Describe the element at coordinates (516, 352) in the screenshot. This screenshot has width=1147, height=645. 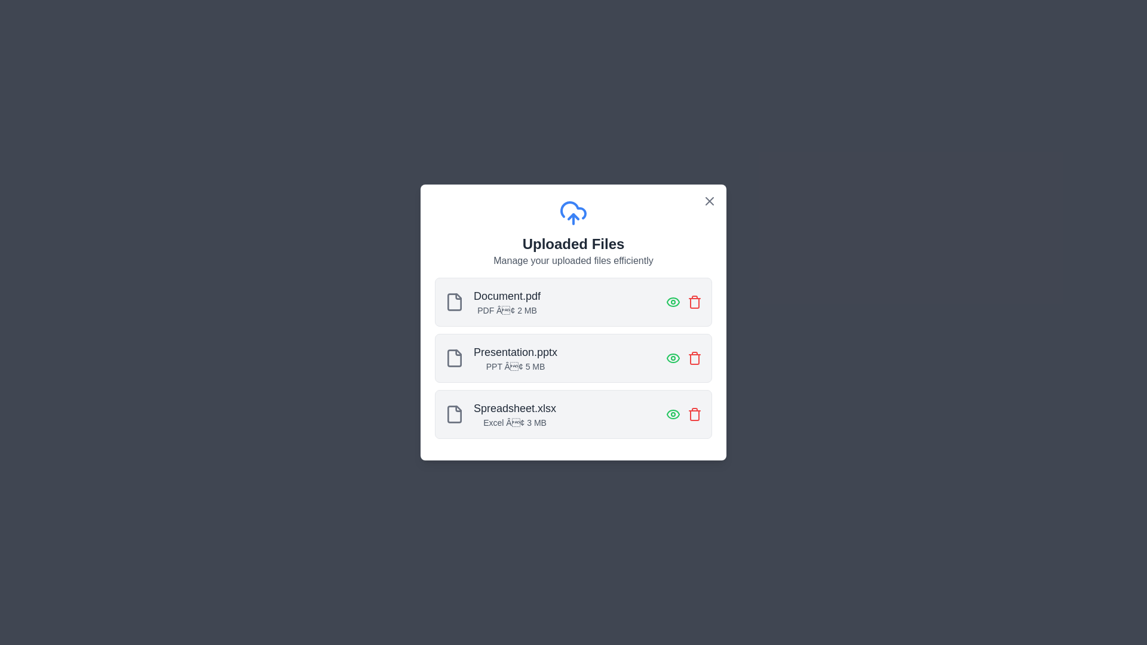
I see `the text label displaying the file name 'Presentation.pptx', which is in bold and medium-sized dark gray font, located in the middle section of a file list interface` at that location.